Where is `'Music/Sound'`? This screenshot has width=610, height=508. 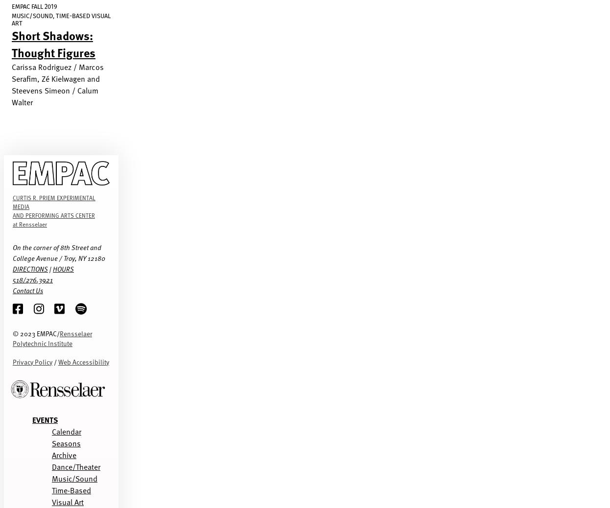
'Music/Sound' is located at coordinates (51, 478).